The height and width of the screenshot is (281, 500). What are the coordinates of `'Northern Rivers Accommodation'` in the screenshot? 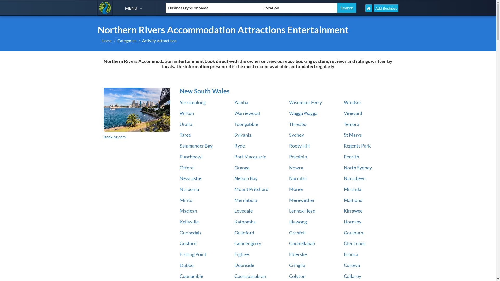 It's located at (105, 8).